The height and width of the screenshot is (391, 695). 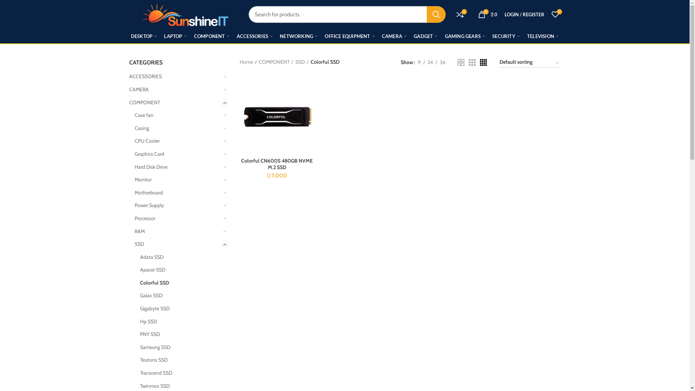 I want to click on 'TELEVISION', so click(x=543, y=36).